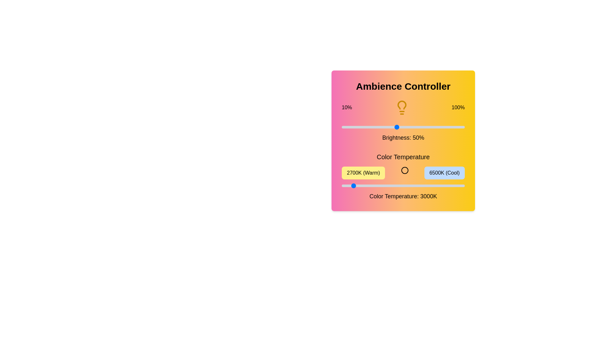 The height and width of the screenshot is (346, 615). What do you see at coordinates (460, 185) in the screenshot?
I see `the color temperature slider to 6372 K` at bounding box center [460, 185].